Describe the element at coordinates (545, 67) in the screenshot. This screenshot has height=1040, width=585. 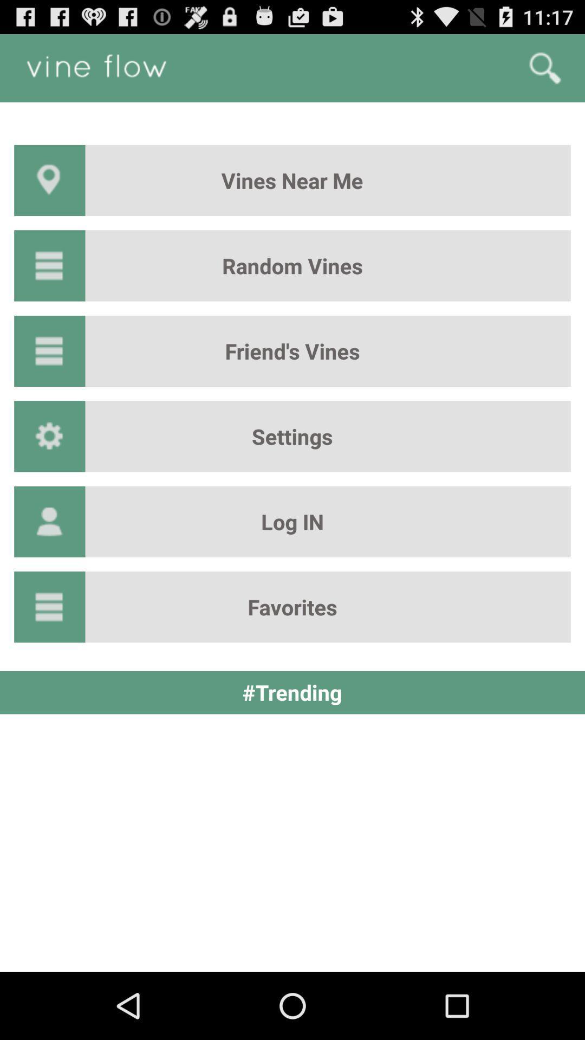
I see `the item at the top right corner` at that location.